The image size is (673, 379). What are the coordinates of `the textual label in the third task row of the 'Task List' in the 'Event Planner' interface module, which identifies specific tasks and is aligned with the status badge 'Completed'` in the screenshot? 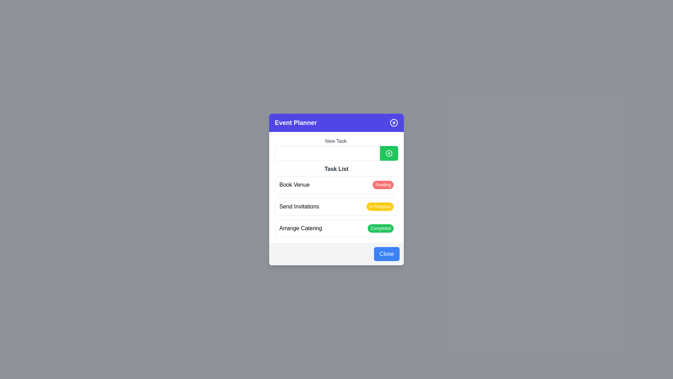 It's located at (300, 228).